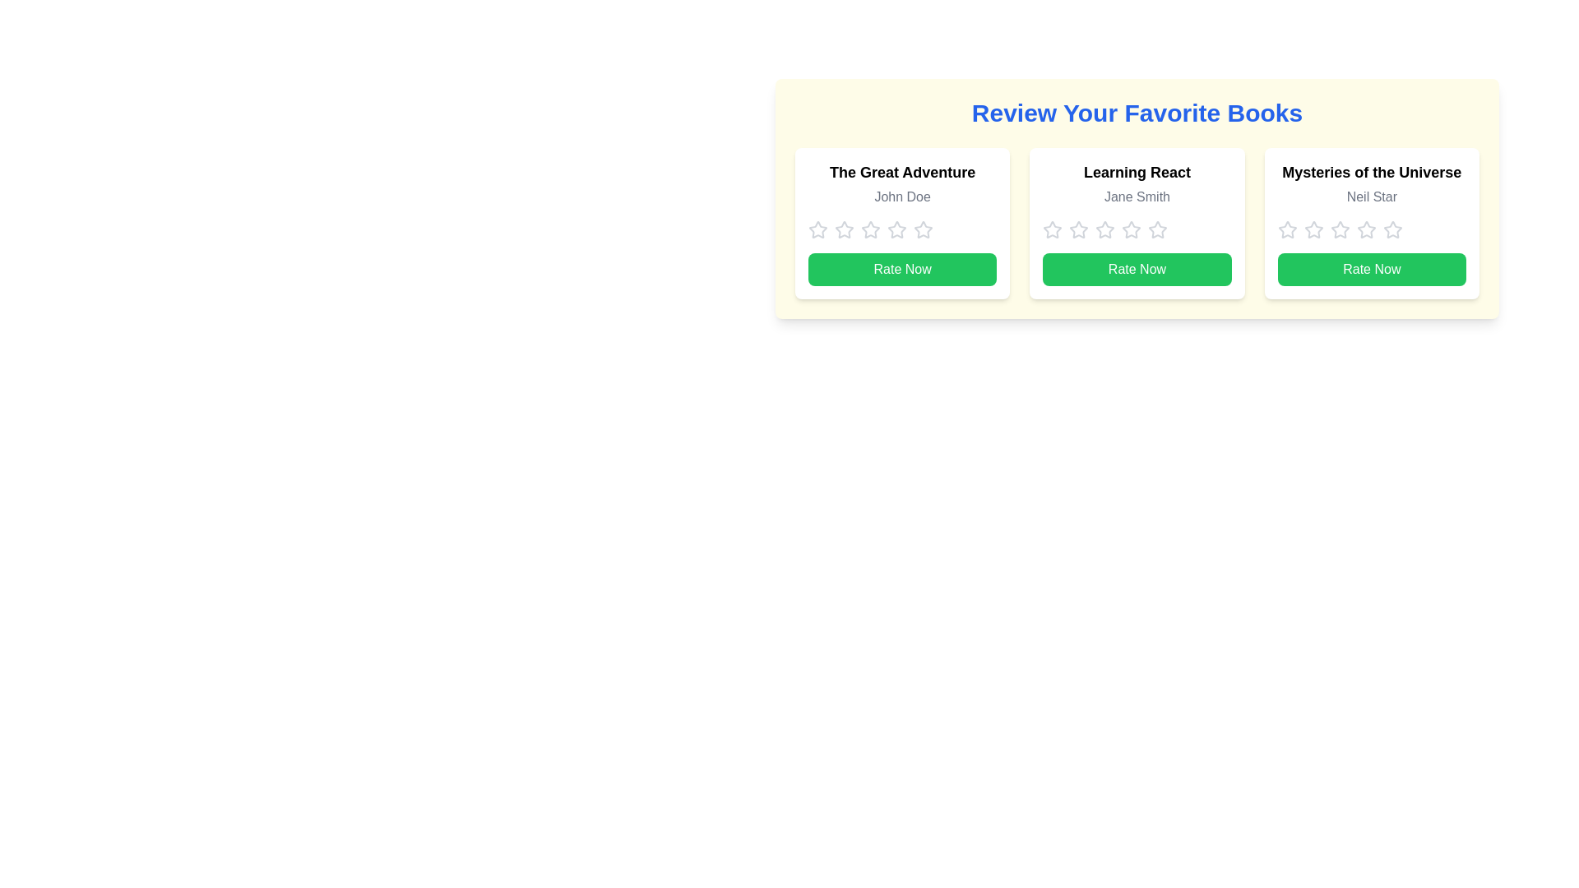 The width and height of the screenshot is (1579, 888). Describe the element at coordinates (1313, 230) in the screenshot. I see `the second interactive star icon for rating selection located below the book titled 'Mysteries of the Universe' by Neil Star` at that location.